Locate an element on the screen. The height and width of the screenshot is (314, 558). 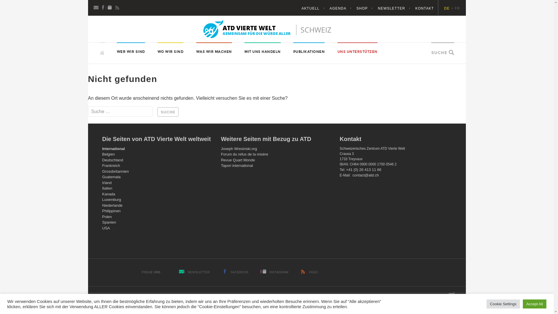
'Joseph Wresinski.org' is located at coordinates (239, 148).